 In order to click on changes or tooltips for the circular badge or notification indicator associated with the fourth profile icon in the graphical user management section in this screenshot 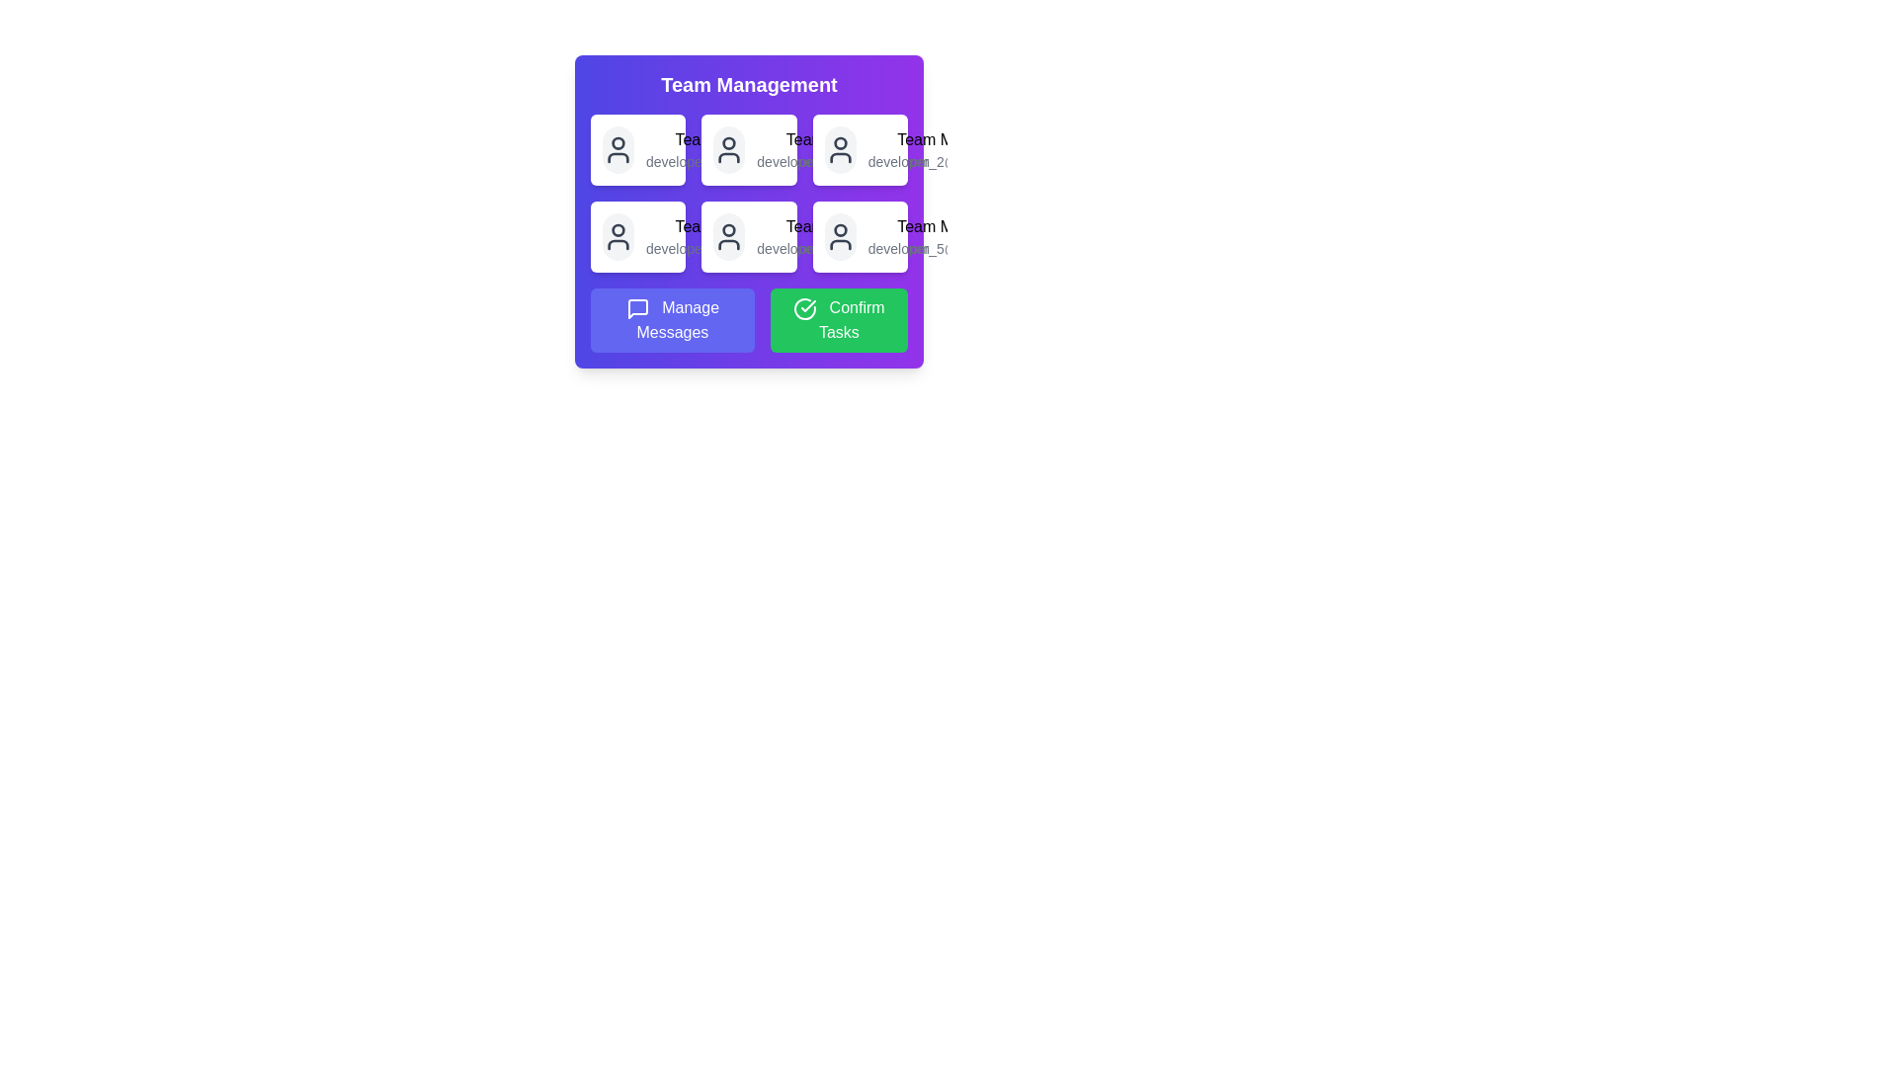, I will do `click(840, 229)`.